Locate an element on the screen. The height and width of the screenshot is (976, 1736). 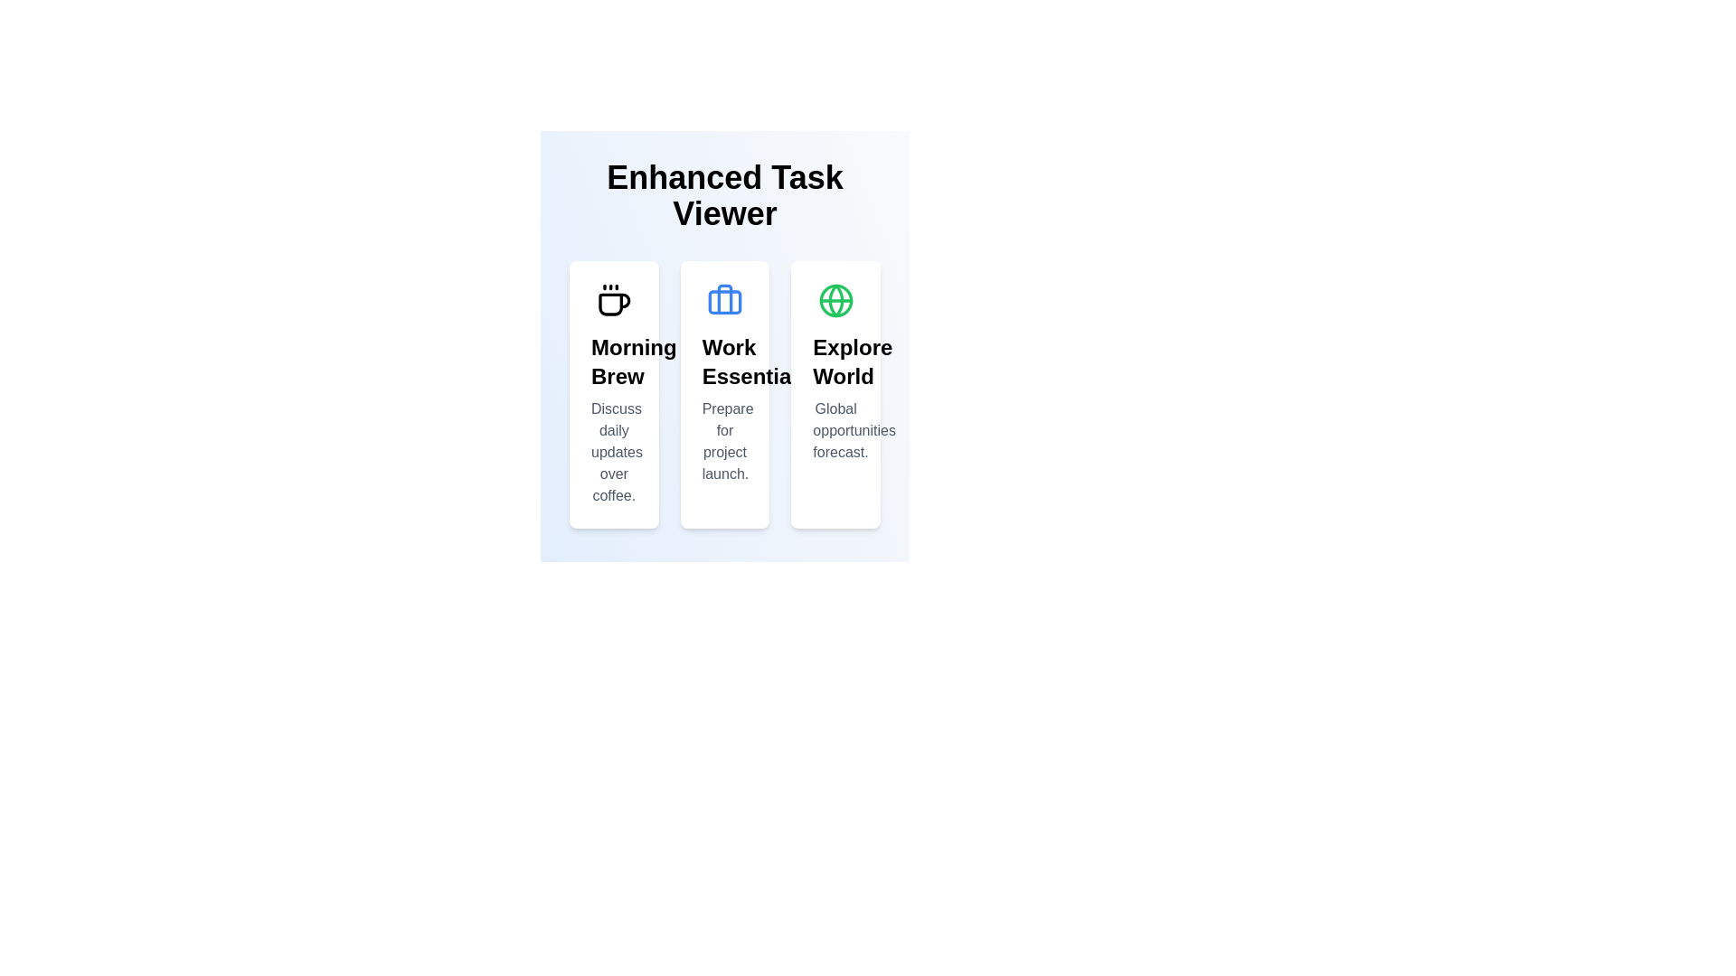
the 'Work Essentials' icon, which is centrally located within the second card of the three-card layout in the 'Enhanced Task Viewer' is located at coordinates (724, 299).